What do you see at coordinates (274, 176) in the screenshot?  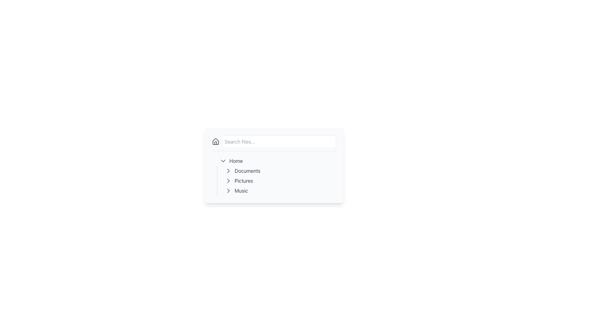 I see `the hierarchical list element containing the items 'Home', 'Documents', 'Pictures', and 'Music'` at bounding box center [274, 176].